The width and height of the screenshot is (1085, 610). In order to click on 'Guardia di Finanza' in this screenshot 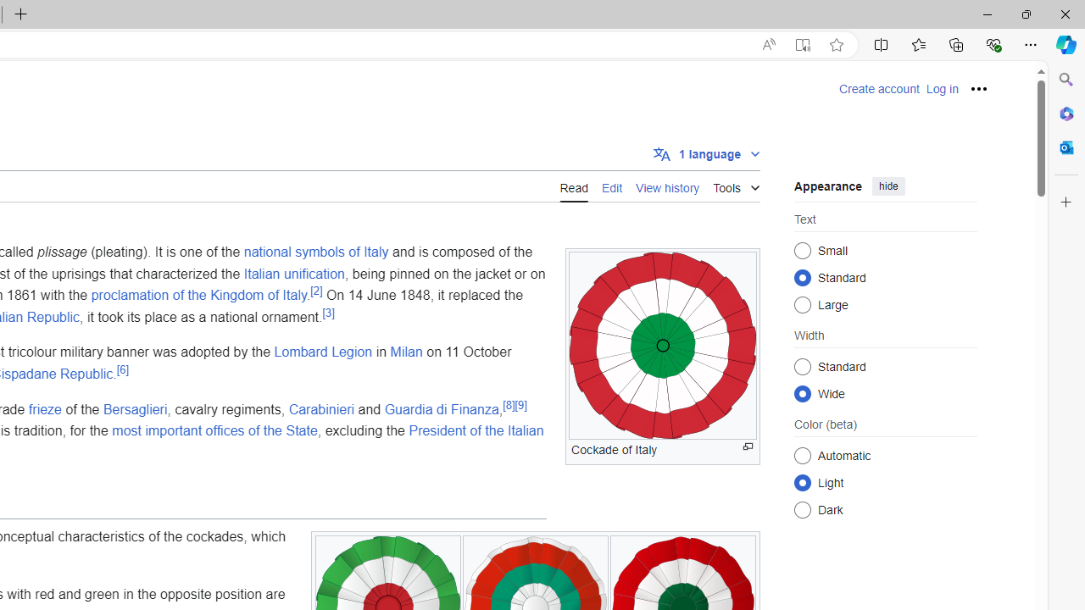, I will do `click(441, 408)`.